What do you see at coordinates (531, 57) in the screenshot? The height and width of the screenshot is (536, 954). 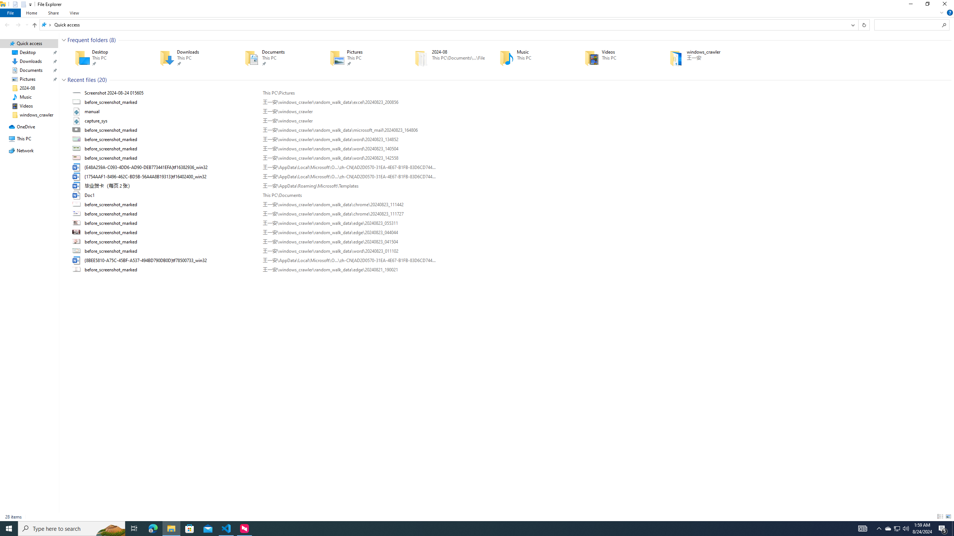 I see `'Music'` at bounding box center [531, 57].